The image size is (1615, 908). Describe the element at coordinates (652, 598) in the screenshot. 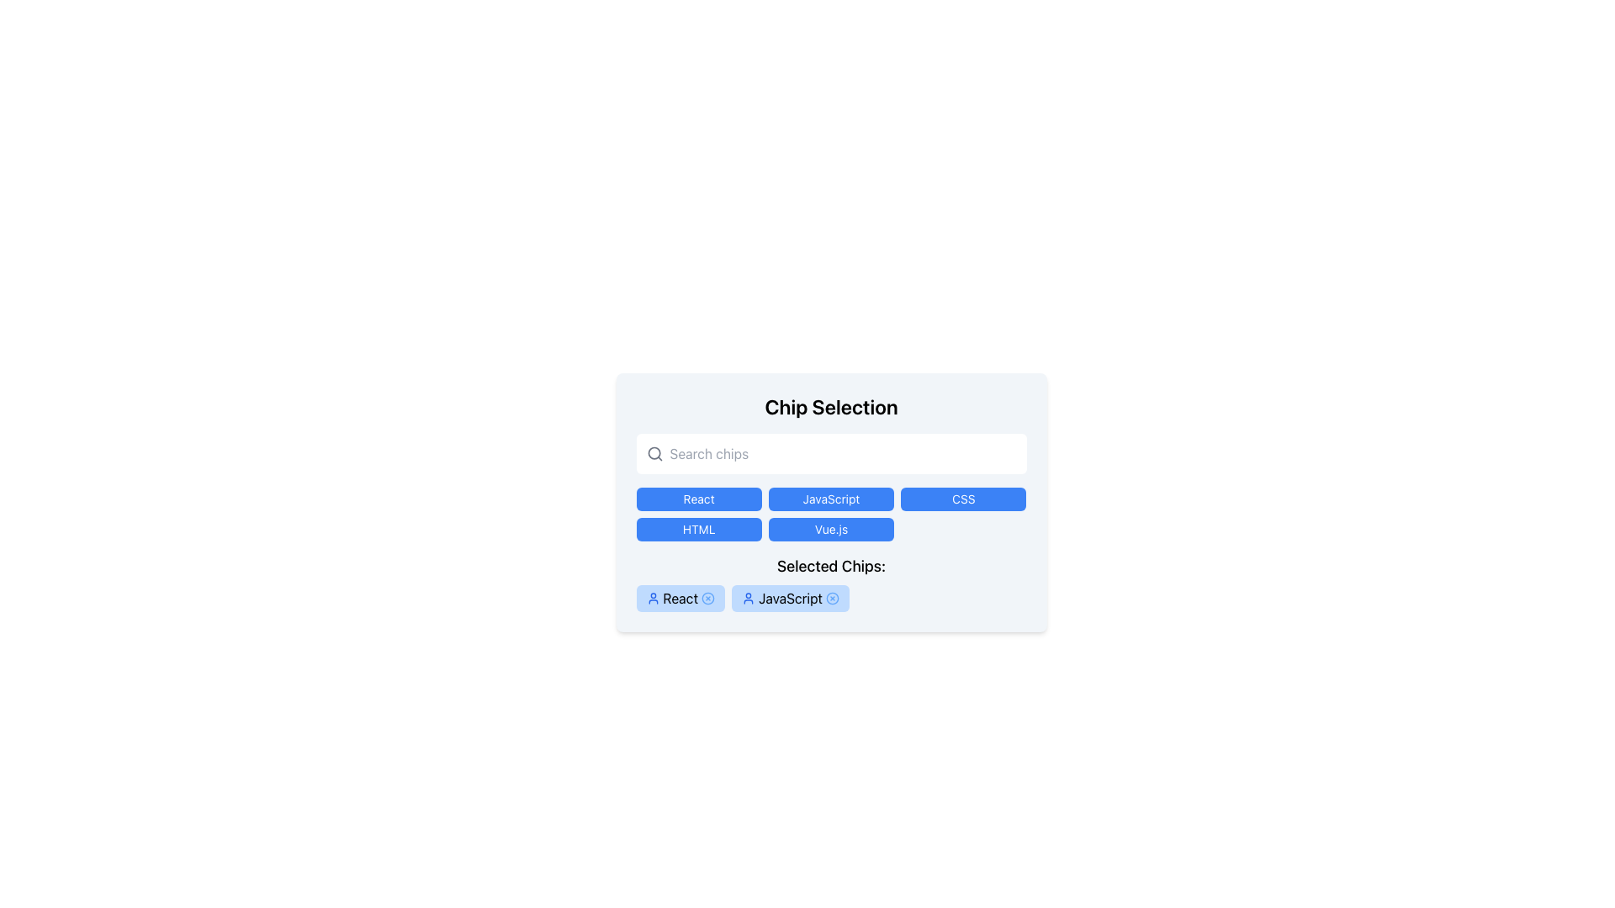

I see `the blue SVG icon representing a head and shoulders, located within the first 'React' chip in the 'Selected Chips' section at the bottom of the interface` at that location.